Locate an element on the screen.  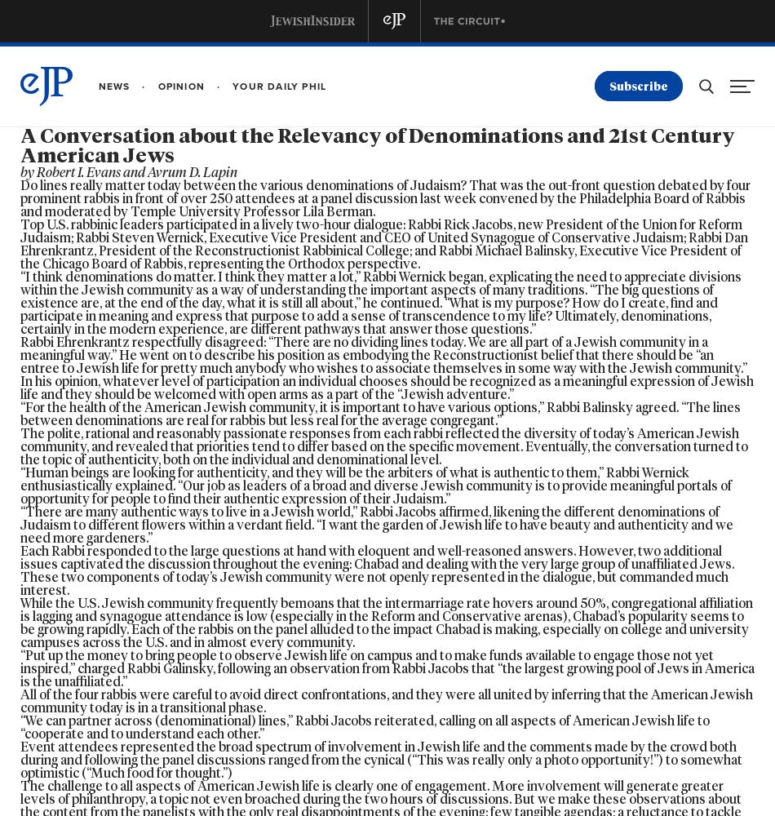
'The polite, rational and reasonably passionate responses from each rabbi reflected the diversity of today’s American Jewish community, and revealed that priorities tend to differ based on the specific movement. Eventually, the conversation turned to the topic of authenticity, both on the individual and denominational level.' is located at coordinates (383, 446).